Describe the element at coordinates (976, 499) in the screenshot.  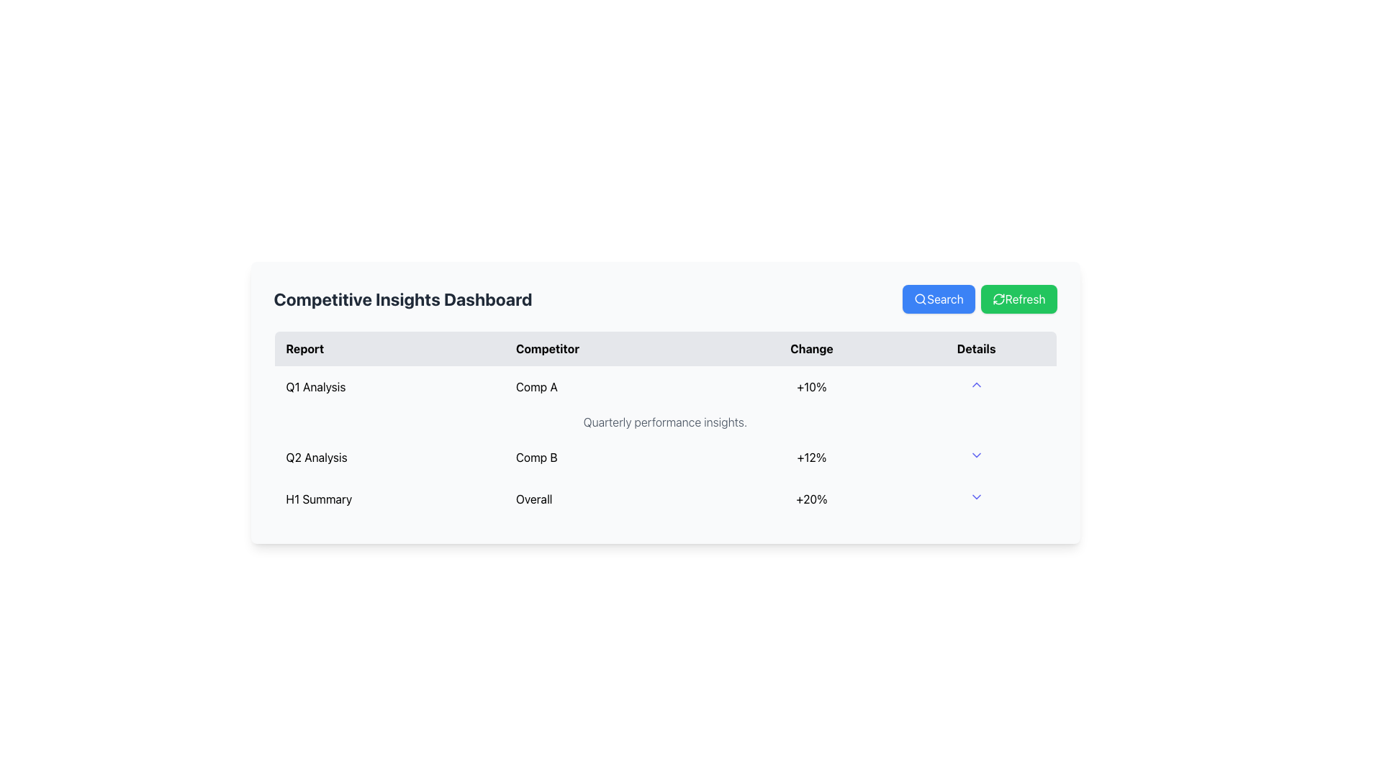
I see `the dropdown toggle button, represented as a downward-facing chevron, located in the last column of the 'H1 Summary' row under the 'Details' column` at that location.